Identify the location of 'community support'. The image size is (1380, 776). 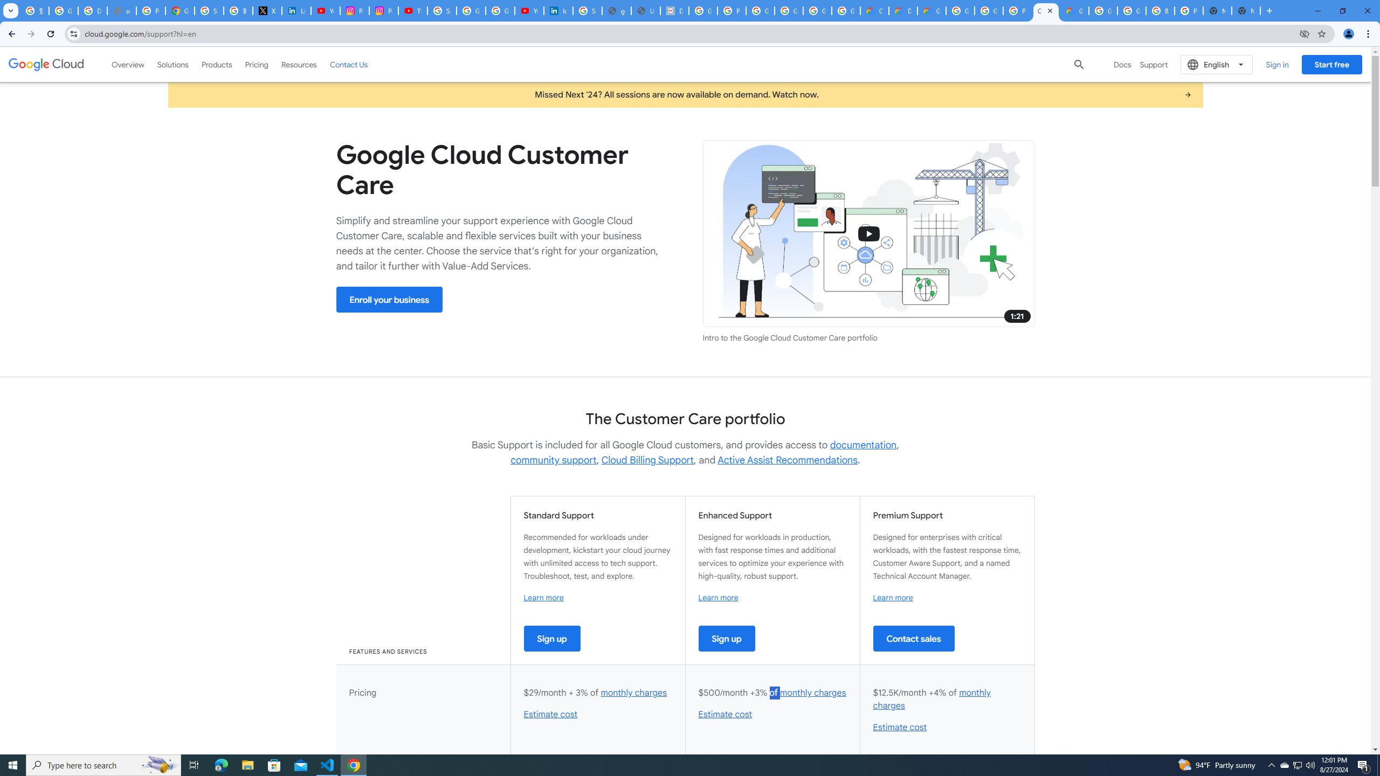
(553, 460).